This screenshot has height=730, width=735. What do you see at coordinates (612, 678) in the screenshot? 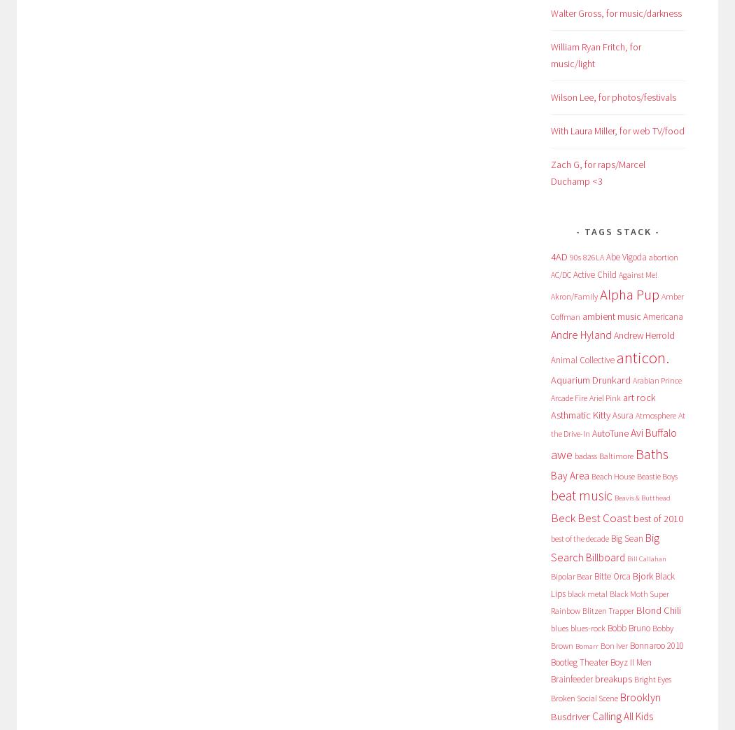
I see `'breakups'` at bounding box center [612, 678].